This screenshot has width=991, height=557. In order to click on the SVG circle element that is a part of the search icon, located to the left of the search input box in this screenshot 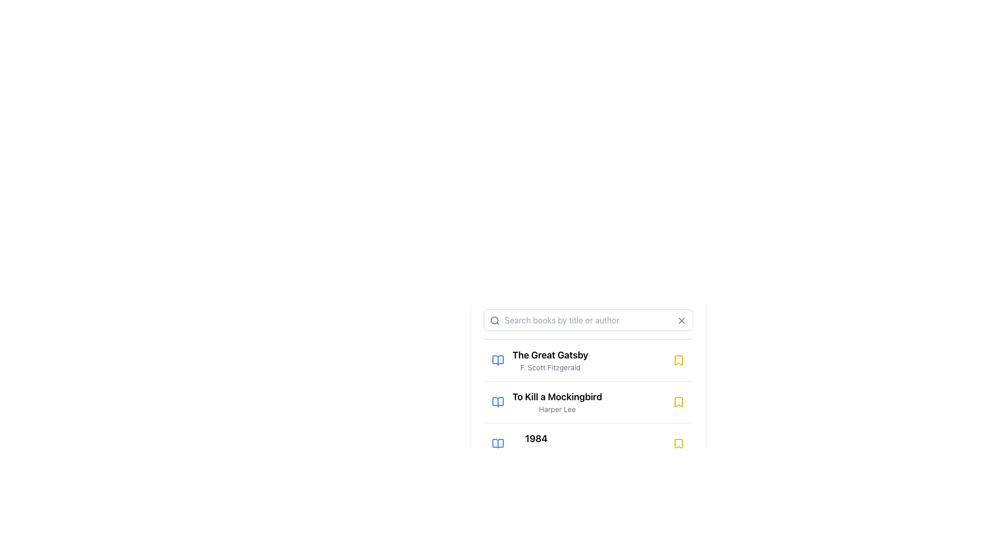, I will do `click(494, 320)`.